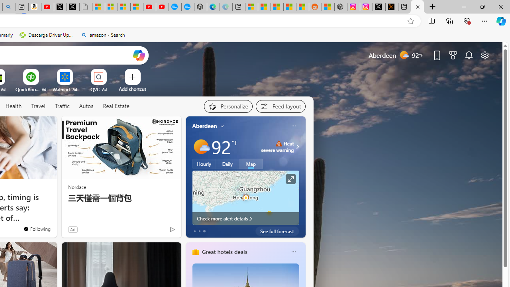 The height and width of the screenshot is (287, 510). I want to click on 'Shanghai, China Weather trends | Microsoft Weather', so click(302, 7).